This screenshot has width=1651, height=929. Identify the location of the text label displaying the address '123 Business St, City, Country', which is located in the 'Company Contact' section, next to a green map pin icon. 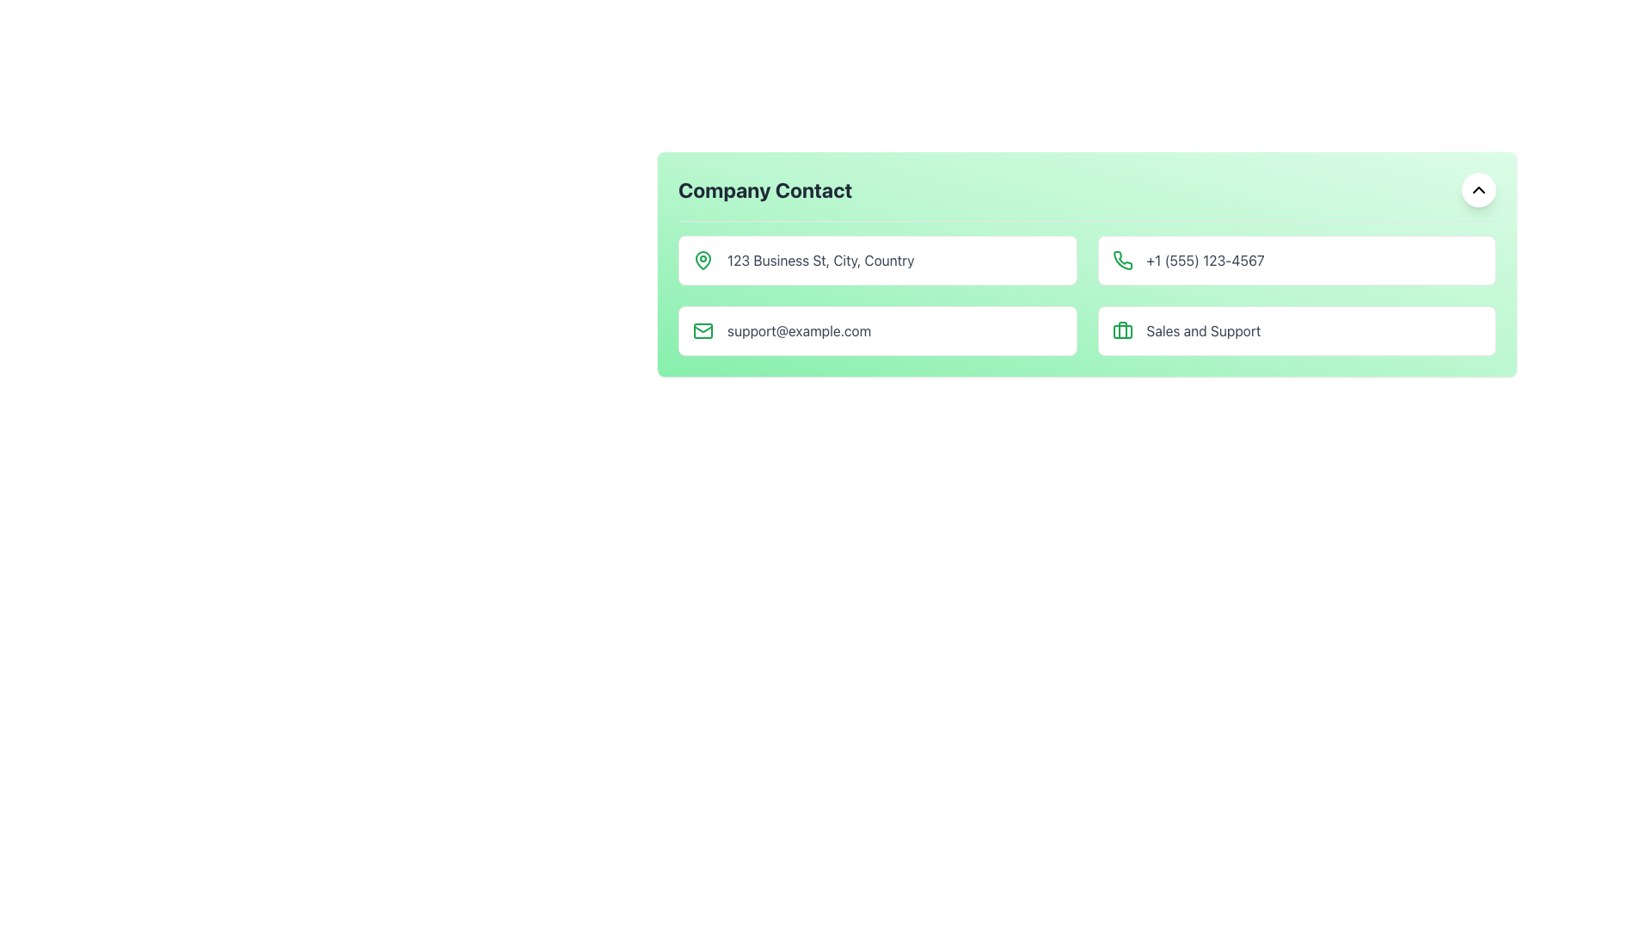
(819, 261).